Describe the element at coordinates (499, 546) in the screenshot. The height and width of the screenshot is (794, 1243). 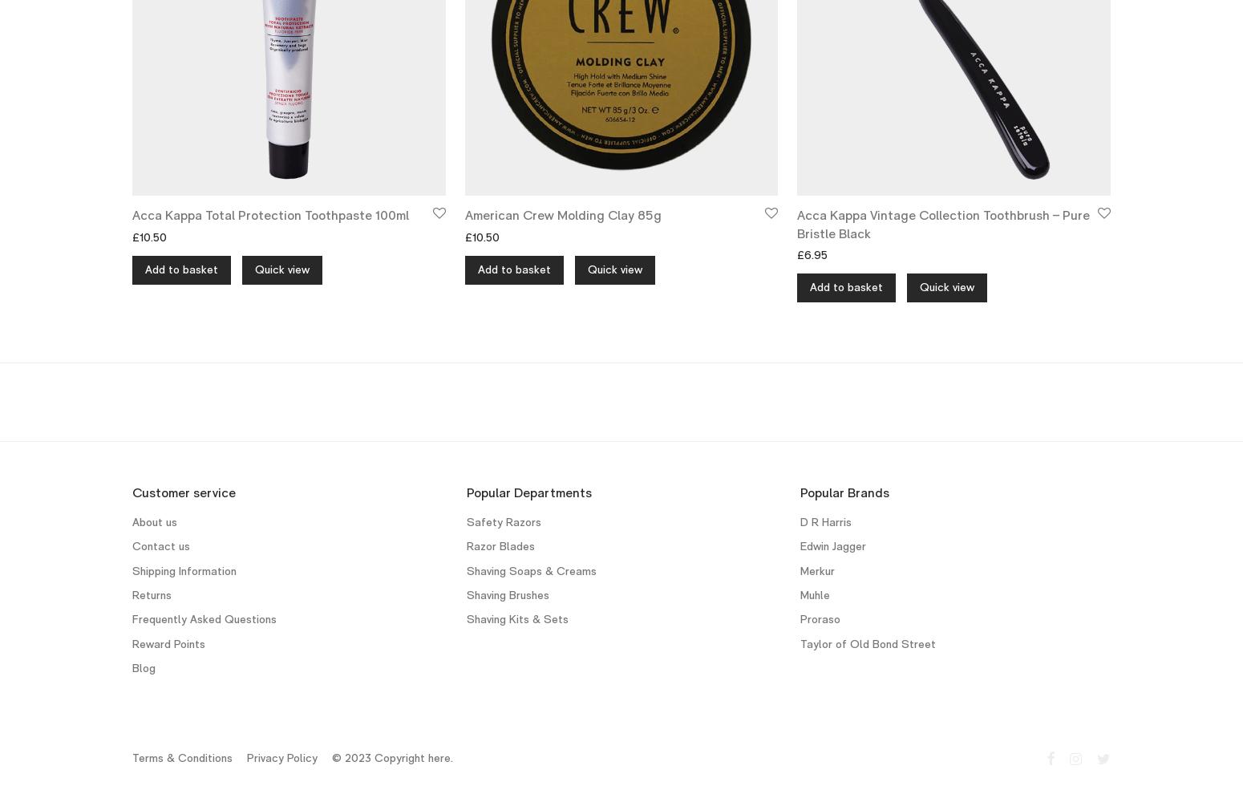
I see `'Razor Blades'` at that location.